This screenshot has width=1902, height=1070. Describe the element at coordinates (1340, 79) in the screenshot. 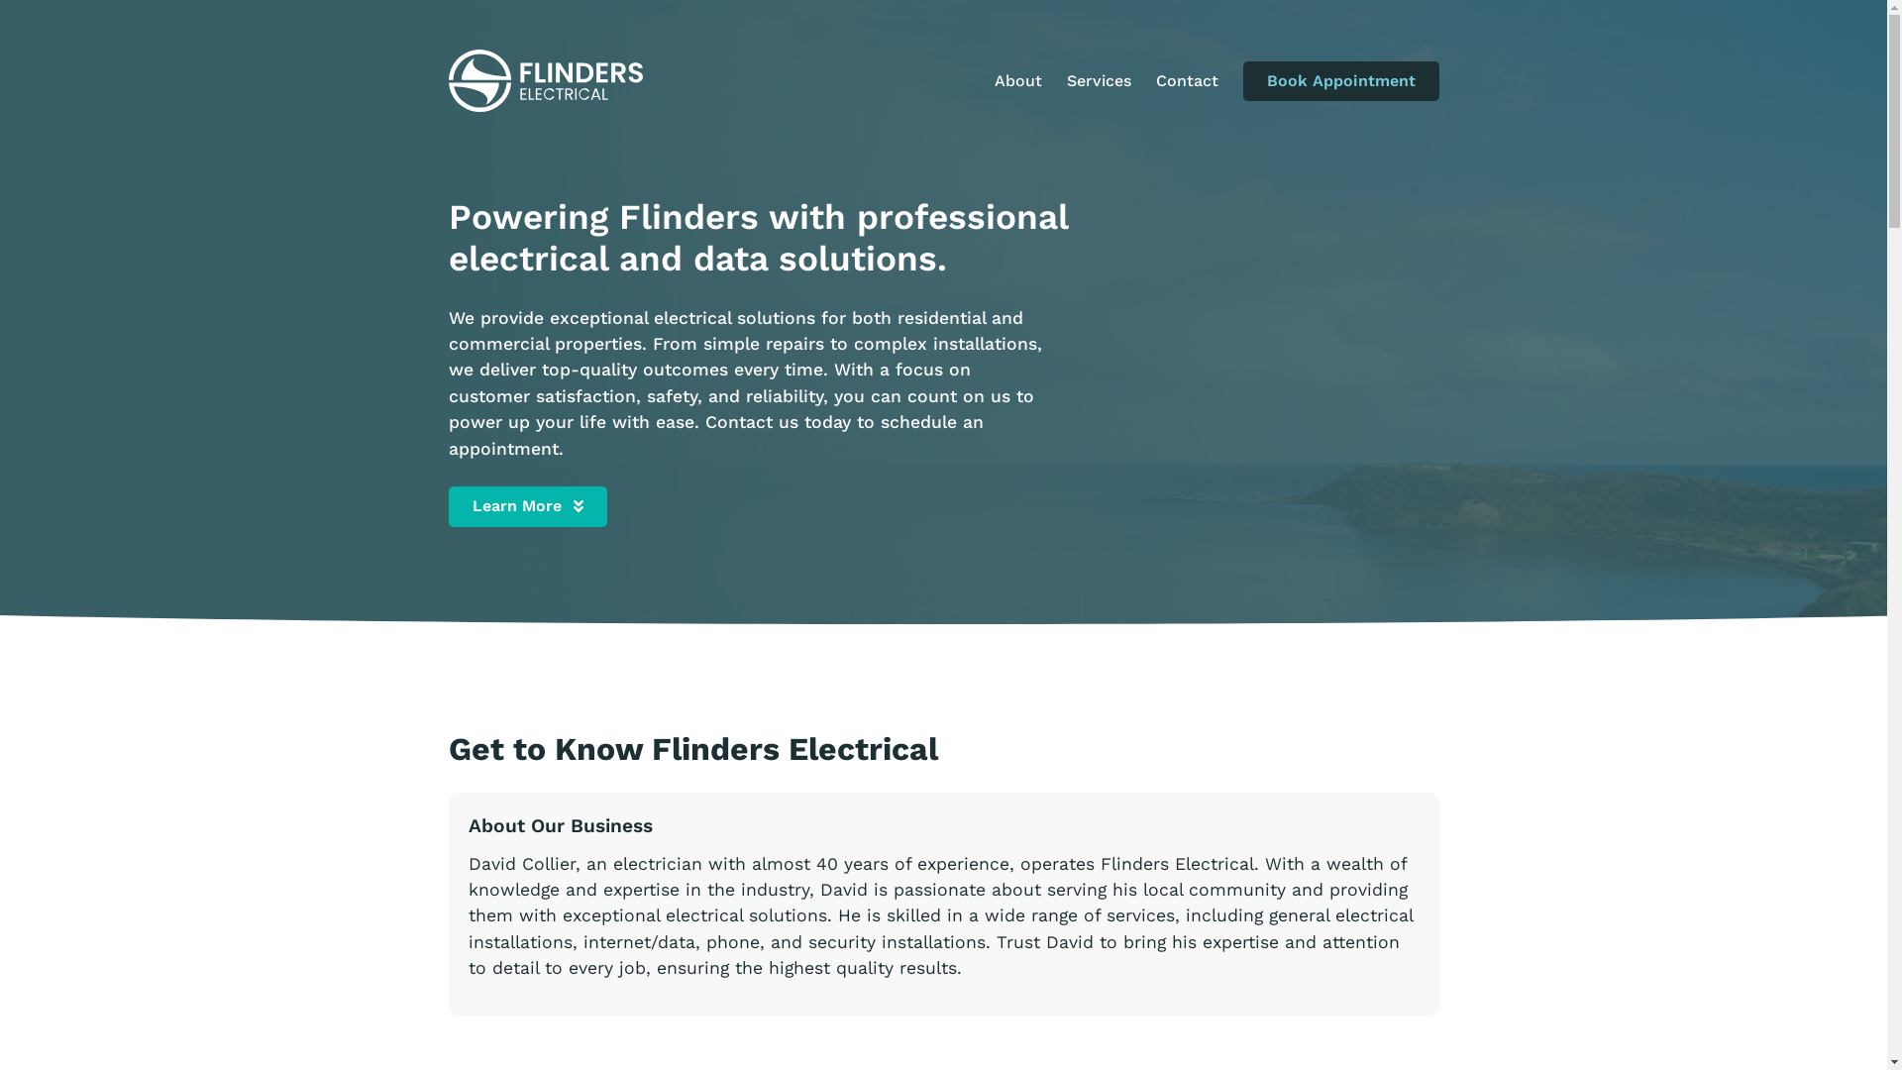

I see `'Book Appointment'` at that location.